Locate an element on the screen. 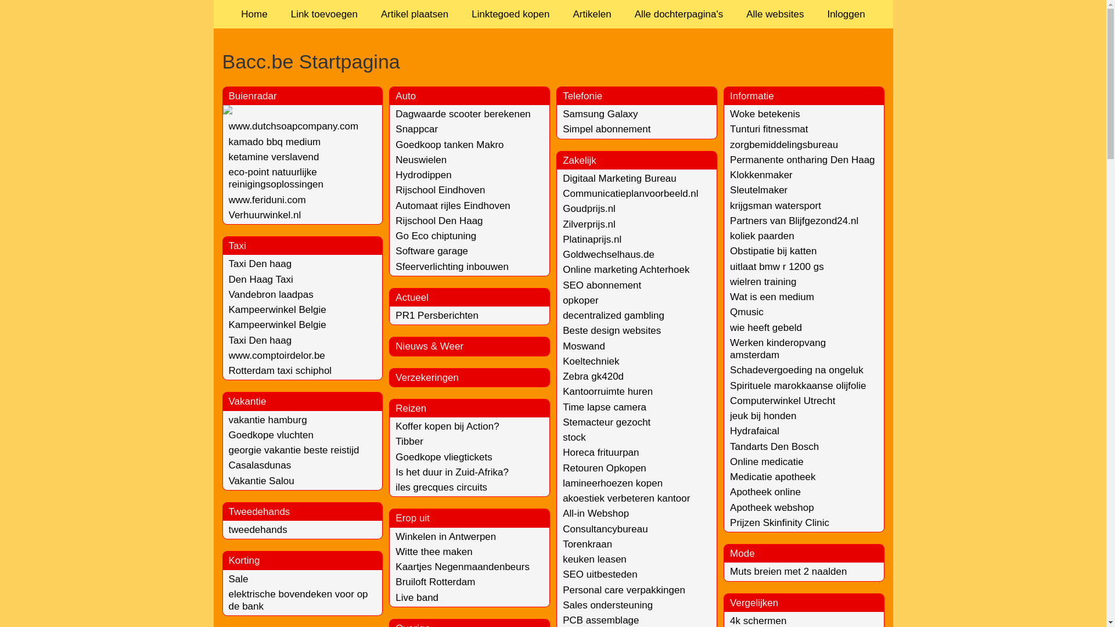  'Beste design websites' is located at coordinates (611, 330).